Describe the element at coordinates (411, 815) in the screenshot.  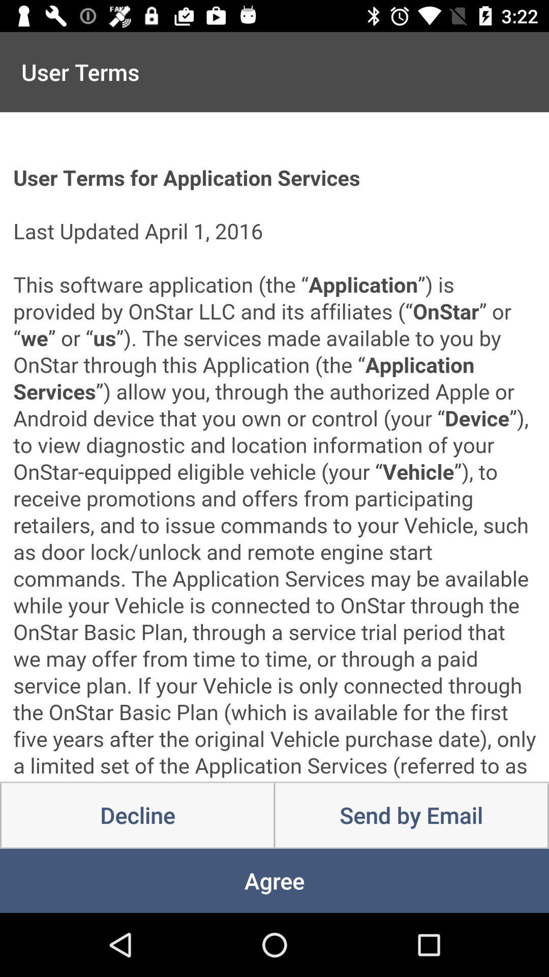
I see `the item above the agree item` at that location.